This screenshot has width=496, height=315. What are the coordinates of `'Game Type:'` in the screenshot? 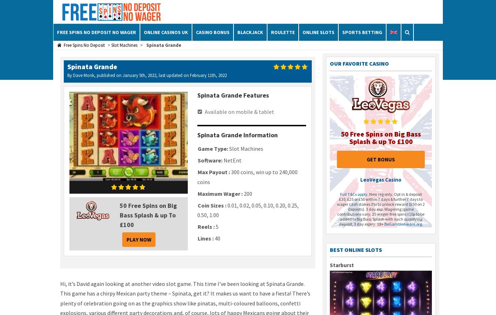 It's located at (213, 148).